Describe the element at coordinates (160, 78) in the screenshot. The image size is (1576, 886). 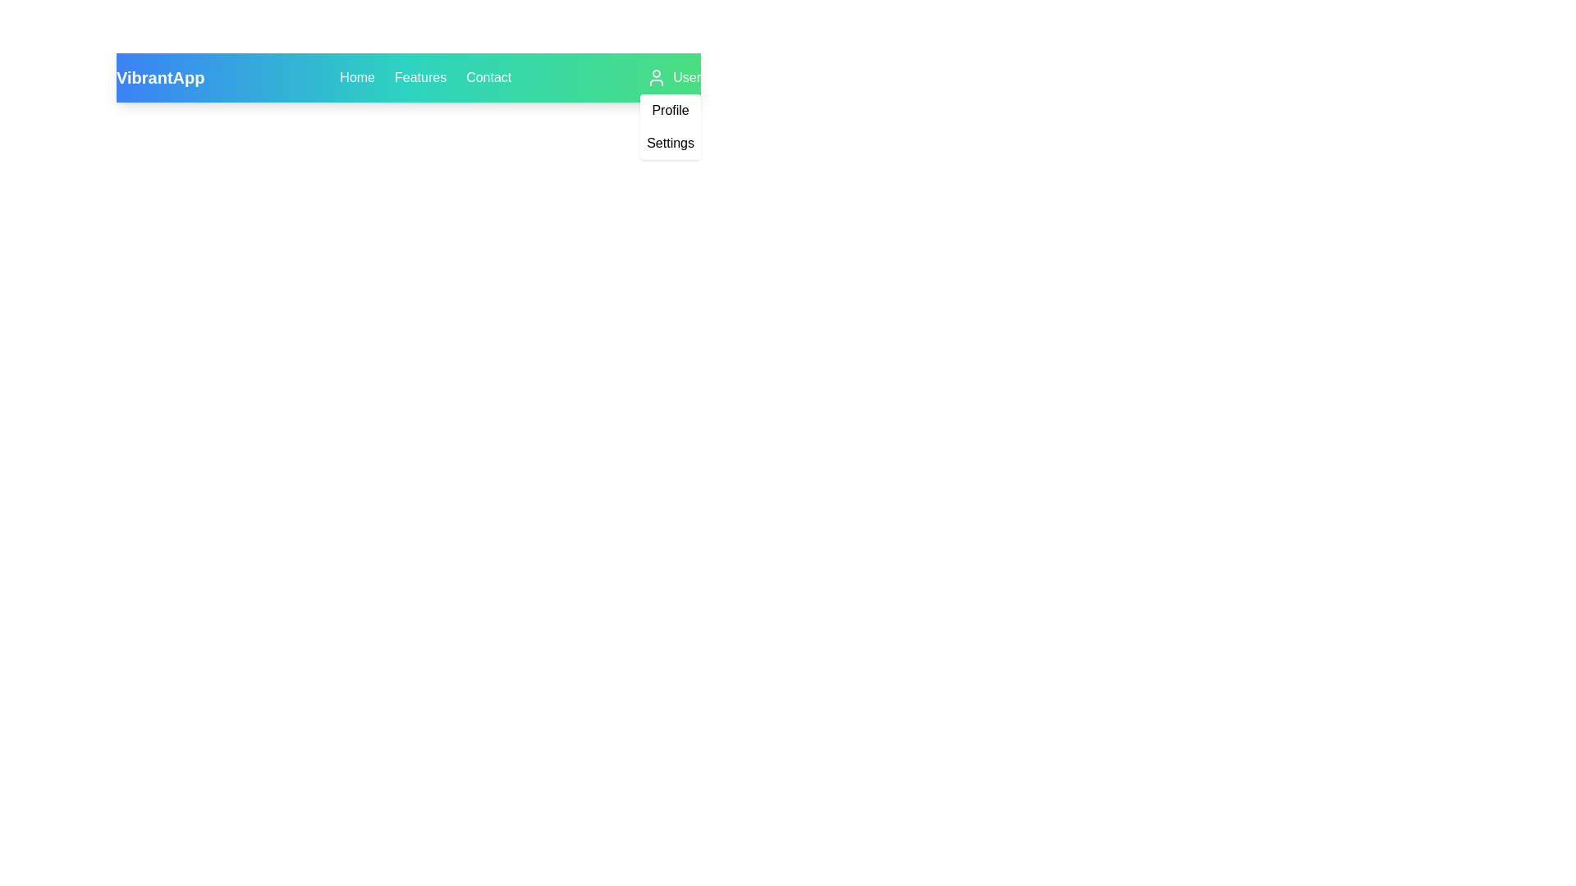
I see `the 'VibrantApp' logo text to simulate navigation` at that location.